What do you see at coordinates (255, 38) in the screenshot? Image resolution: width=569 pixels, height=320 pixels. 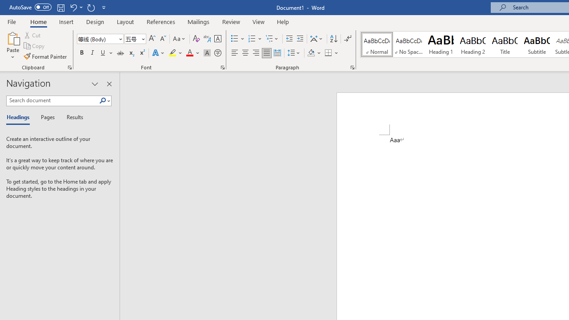 I see `'Numbering'` at bounding box center [255, 38].